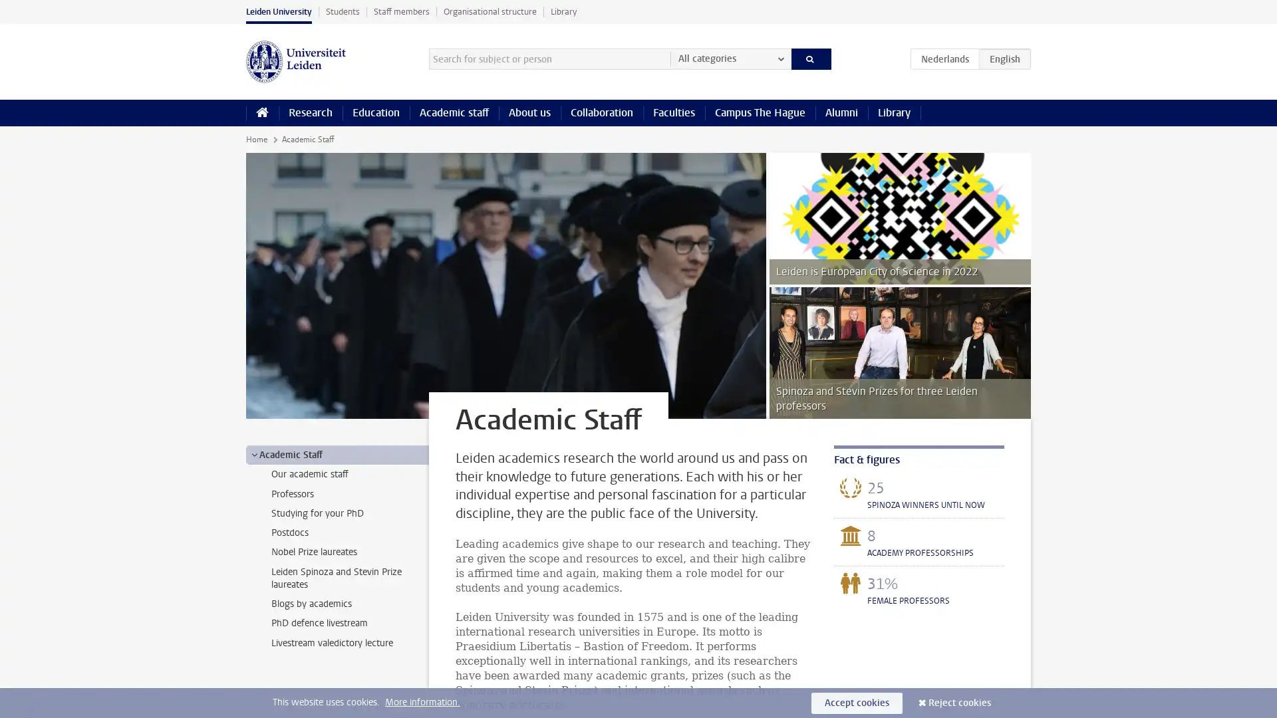 The image size is (1277, 718). I want to click on Search, so click(810, 58).